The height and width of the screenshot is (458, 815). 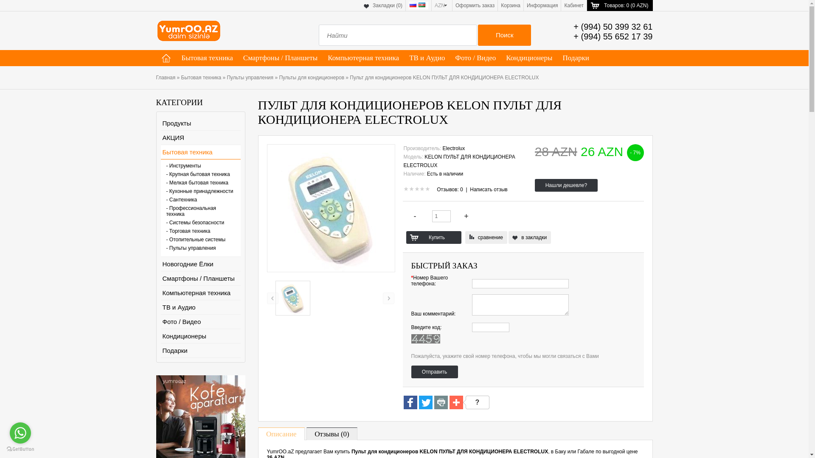 What do you see at coordinates (425, 402) in the screenshot?
I see `'Twitter'` at bounding box center [425, 402].